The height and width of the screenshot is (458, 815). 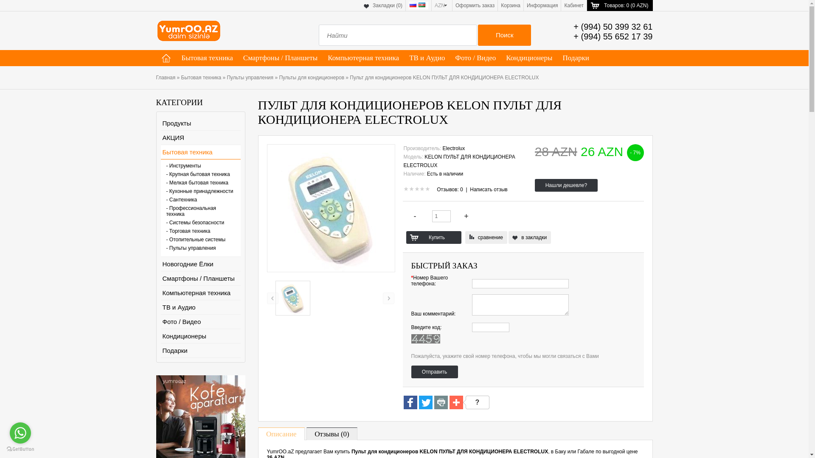 What do you see at coordinates (425, 402) in the screenshot?
I see `'Twitter'` at bounding box center [425, 402].